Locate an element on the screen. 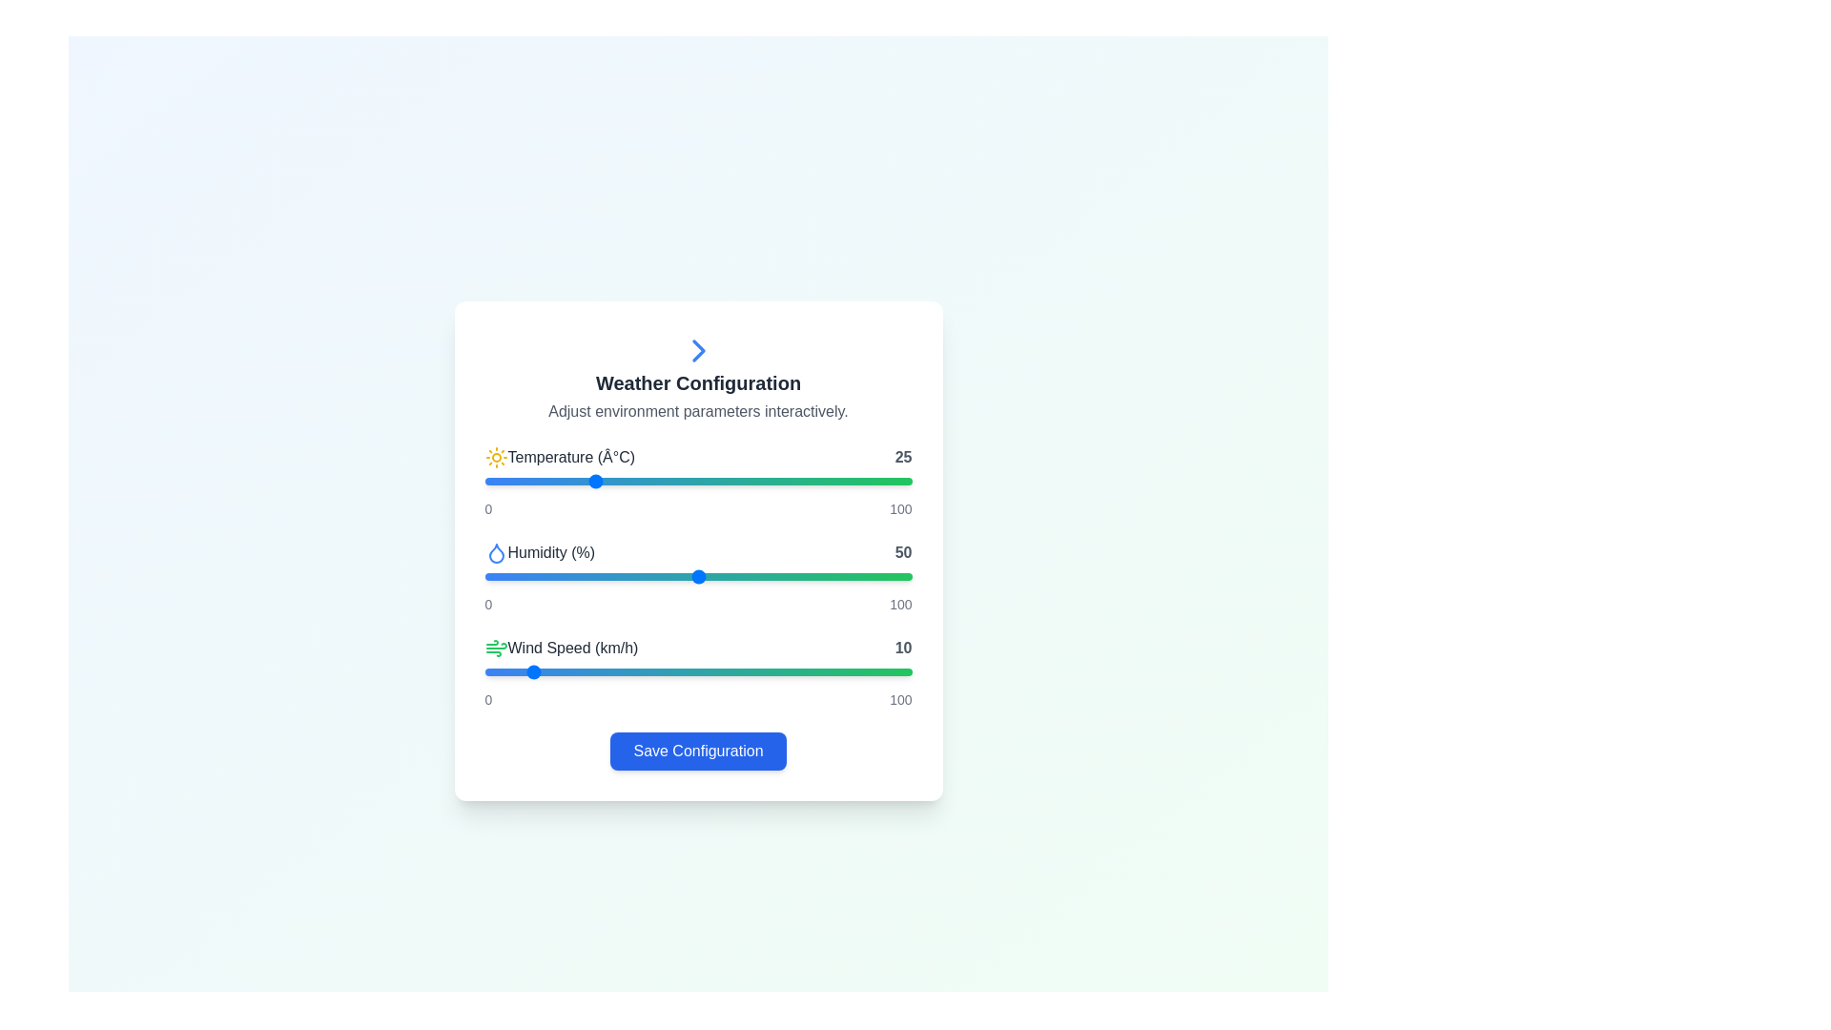 The image size is (1831, 1030). the slider value is located at coordinates (672, 576).